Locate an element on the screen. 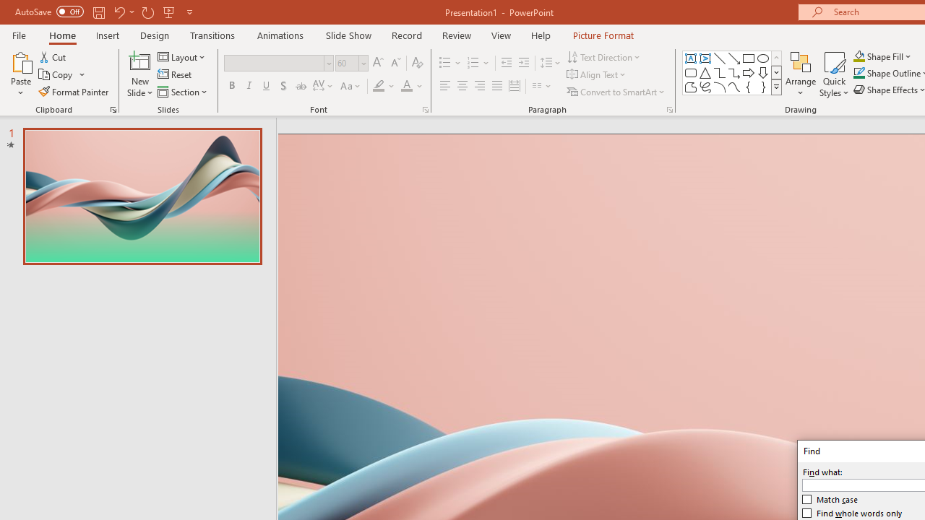 The image size is (925, 520). 'Freeform: Scribble' is located at coordinates (705, 87).